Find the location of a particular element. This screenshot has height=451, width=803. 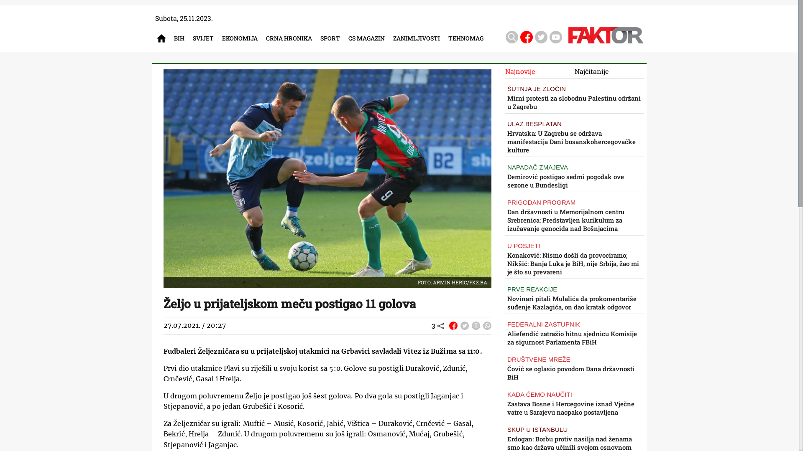

'SPORT' is located at coordinates (332, 38).